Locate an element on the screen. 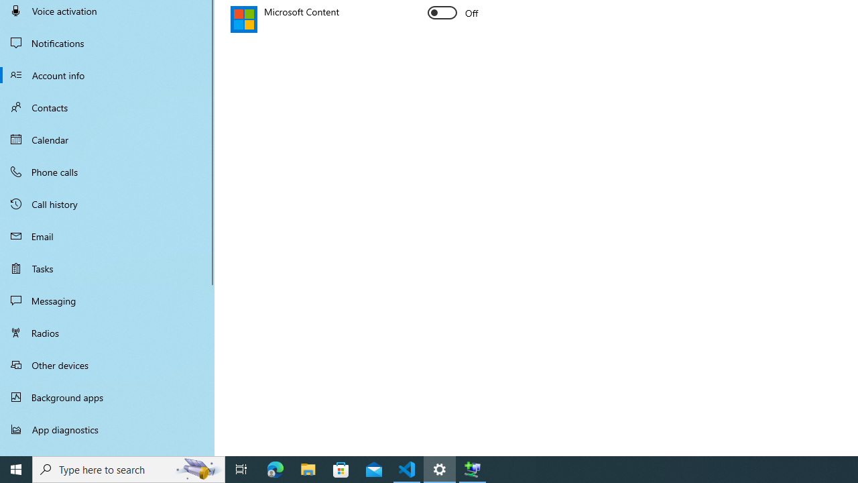  'Visual Studio Code - 1 running window' is located at coordinates (406, 468).